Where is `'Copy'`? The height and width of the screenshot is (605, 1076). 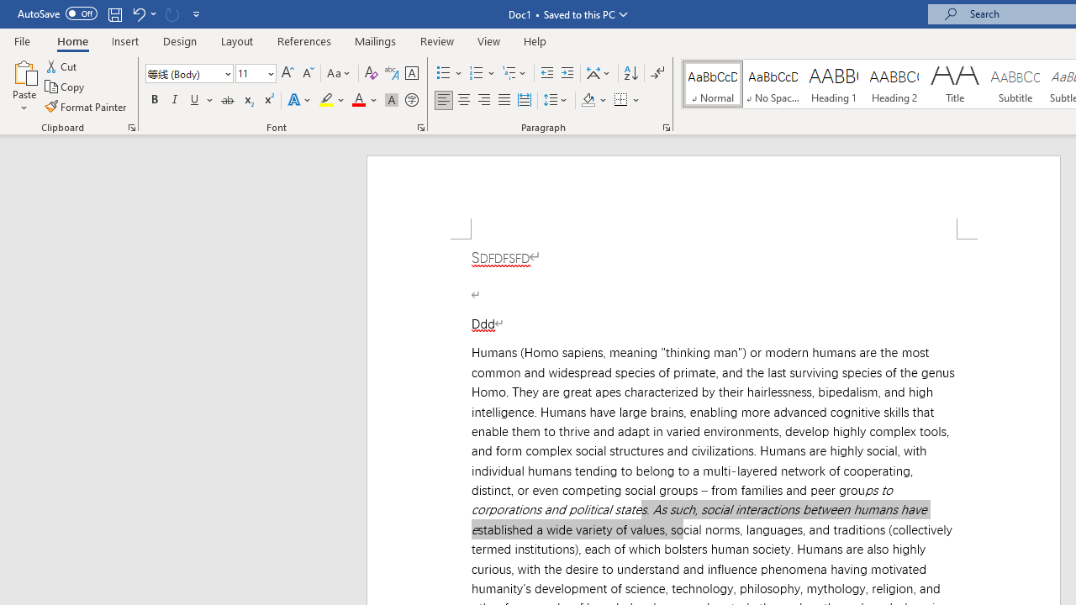 'Copy' is located at coordinates (66, 87).